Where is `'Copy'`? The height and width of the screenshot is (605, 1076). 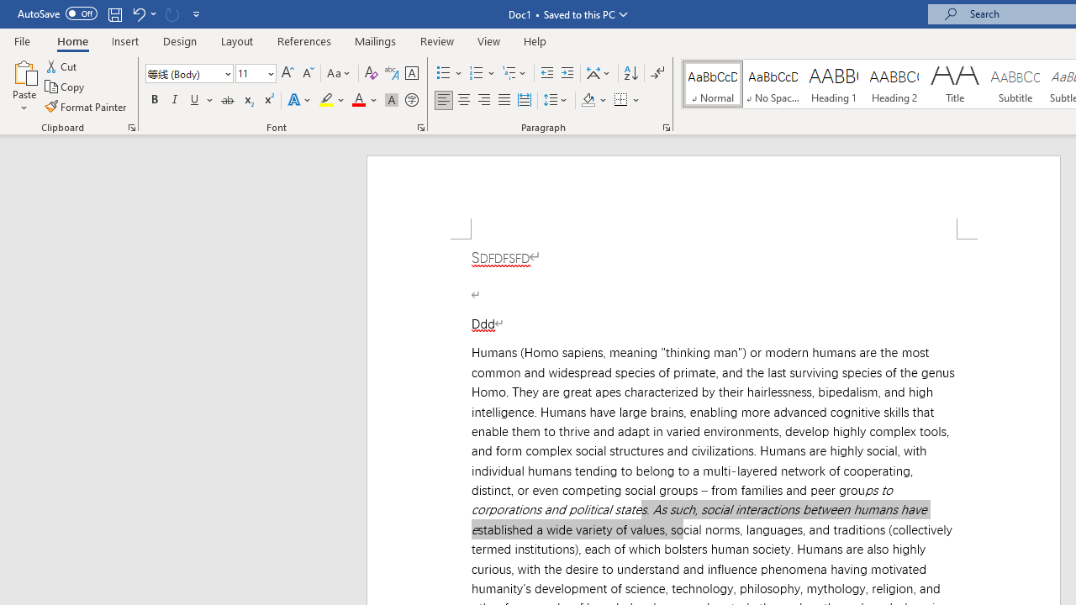 'Copy' is located at coordinates (66, 87).